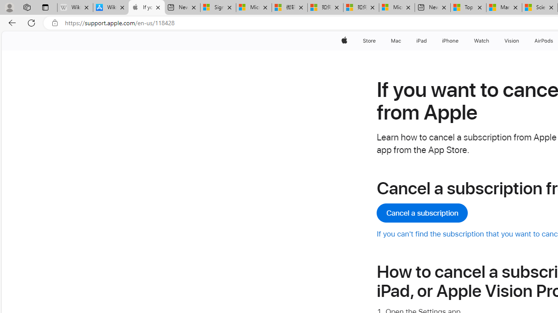  What do you see at coordinates (544, 40) in the screenshot?
I see `'AirPods'` at bounding box center [544, 40].